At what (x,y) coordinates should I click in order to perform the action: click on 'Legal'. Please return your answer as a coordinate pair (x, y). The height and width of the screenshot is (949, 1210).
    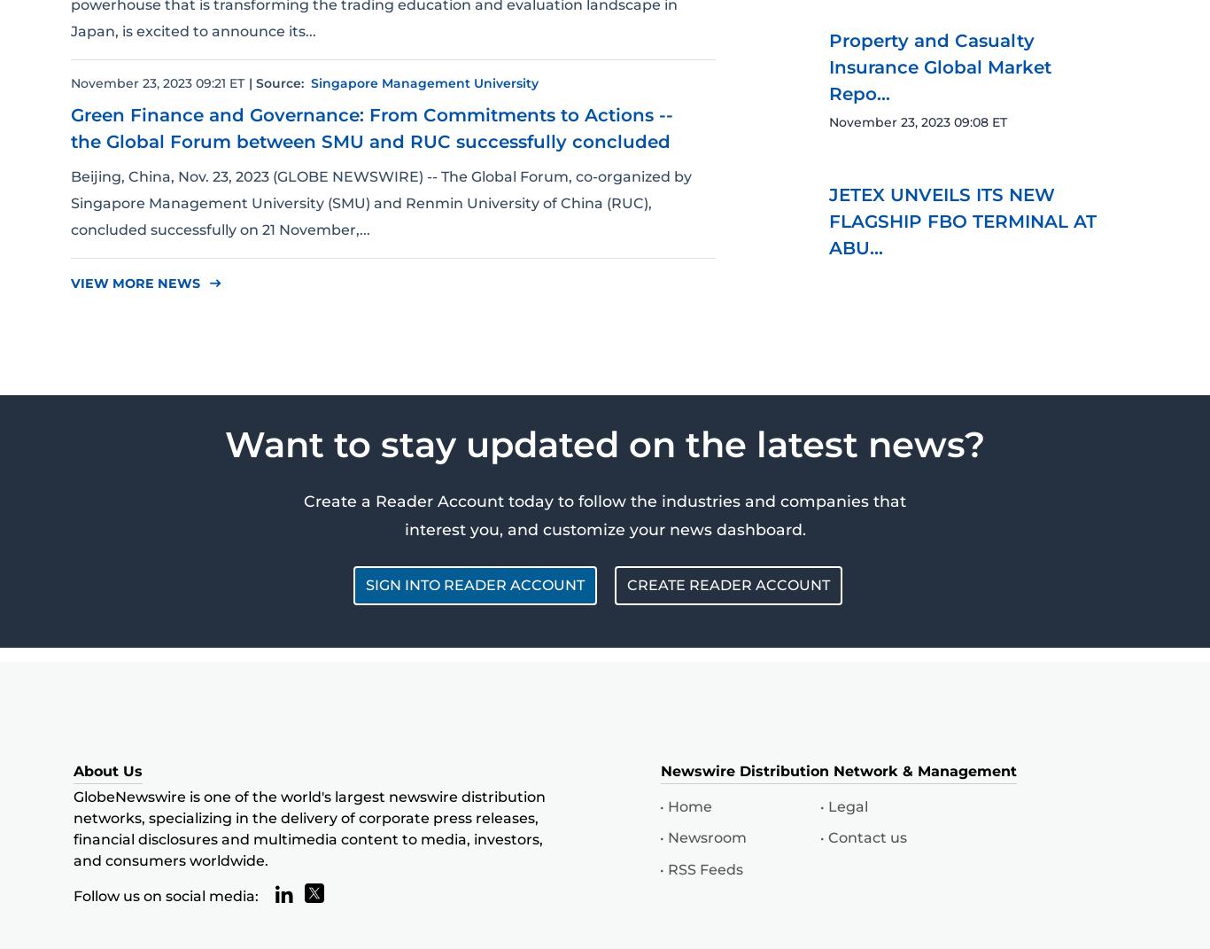
    Looking at the image, I should click on (828, 806).